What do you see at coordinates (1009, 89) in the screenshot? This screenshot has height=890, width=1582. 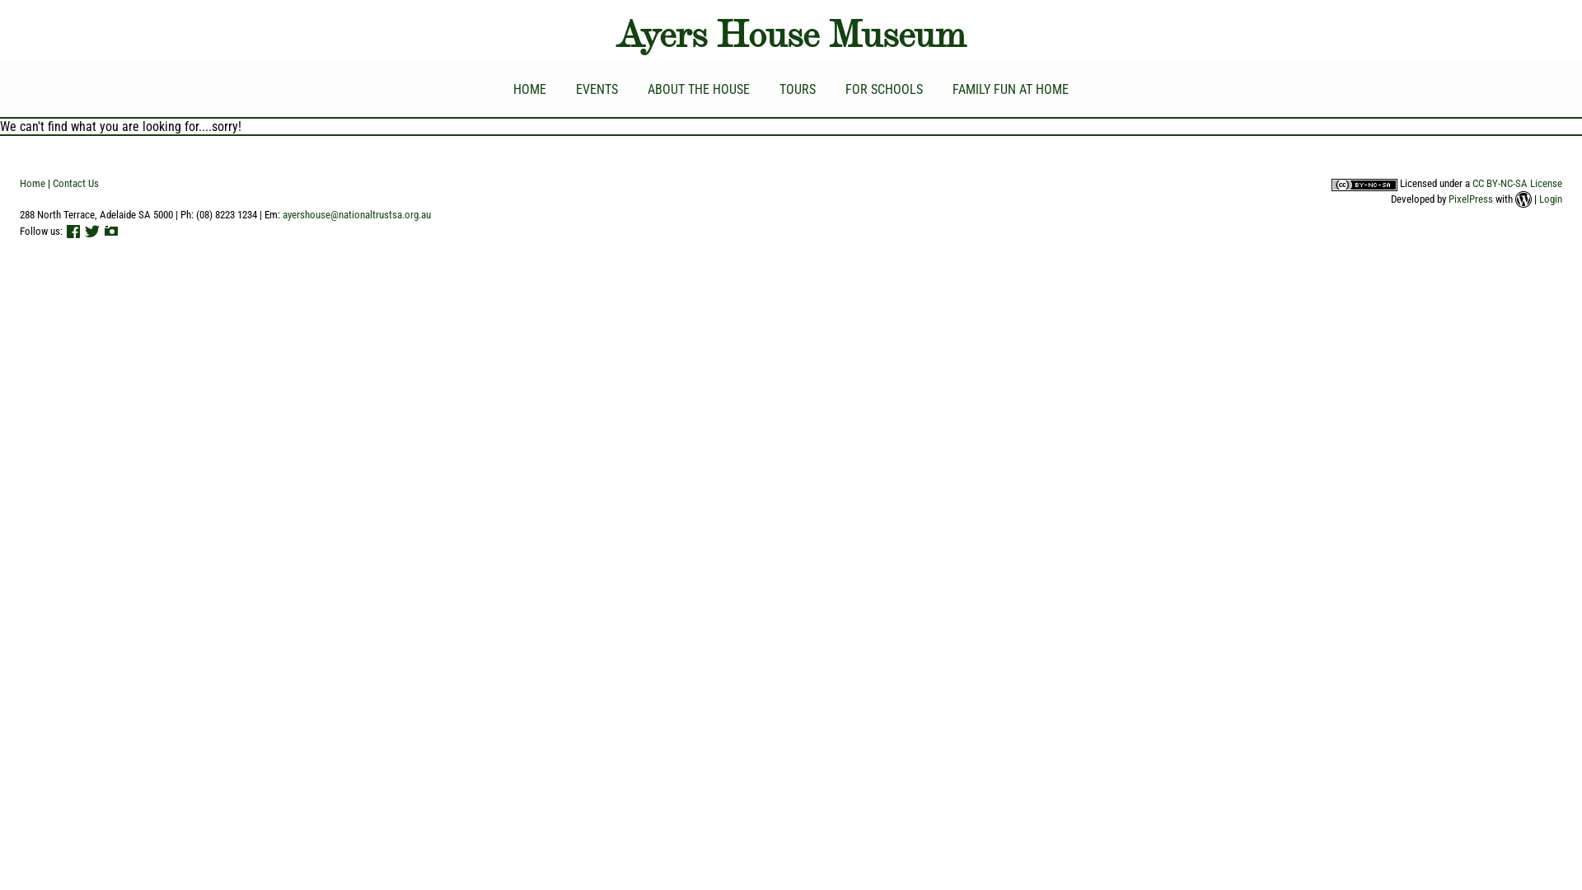 I see `'FAMILY FUN AT HOME'` at bounding box center [1009, 89].